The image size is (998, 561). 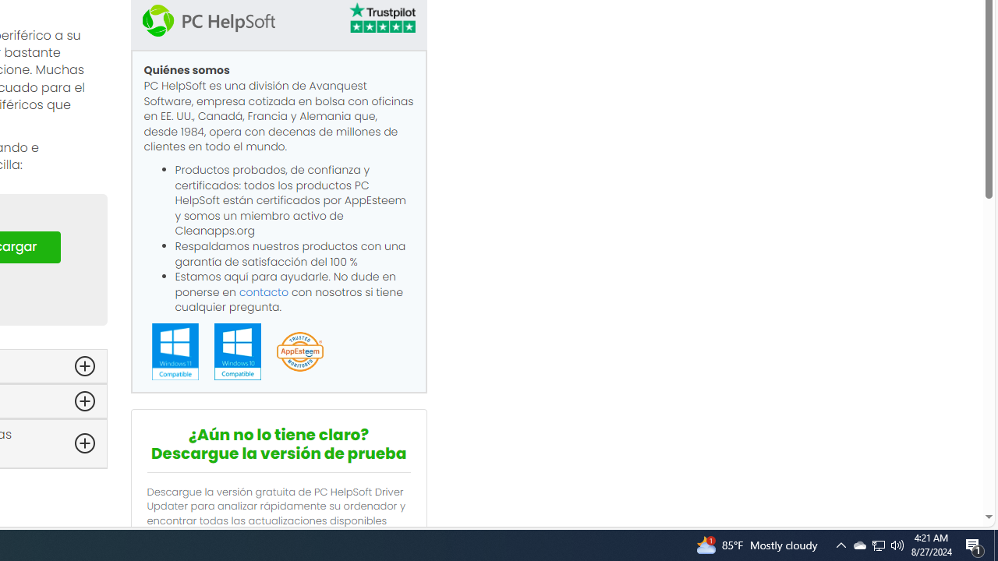 I want to click on 'Windows 11 Compatible', so click(x=175, y=351).